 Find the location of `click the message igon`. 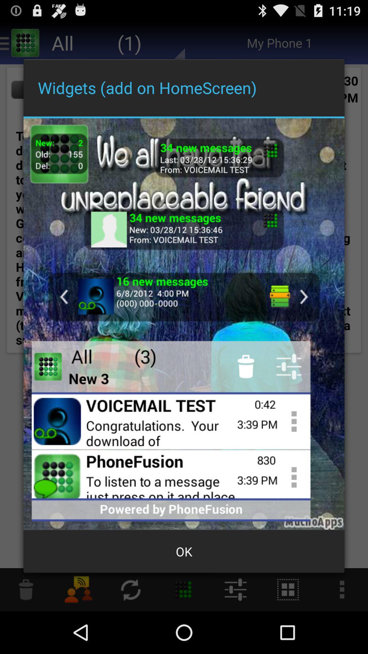

click the message igon is located at coordinates (184, 297).